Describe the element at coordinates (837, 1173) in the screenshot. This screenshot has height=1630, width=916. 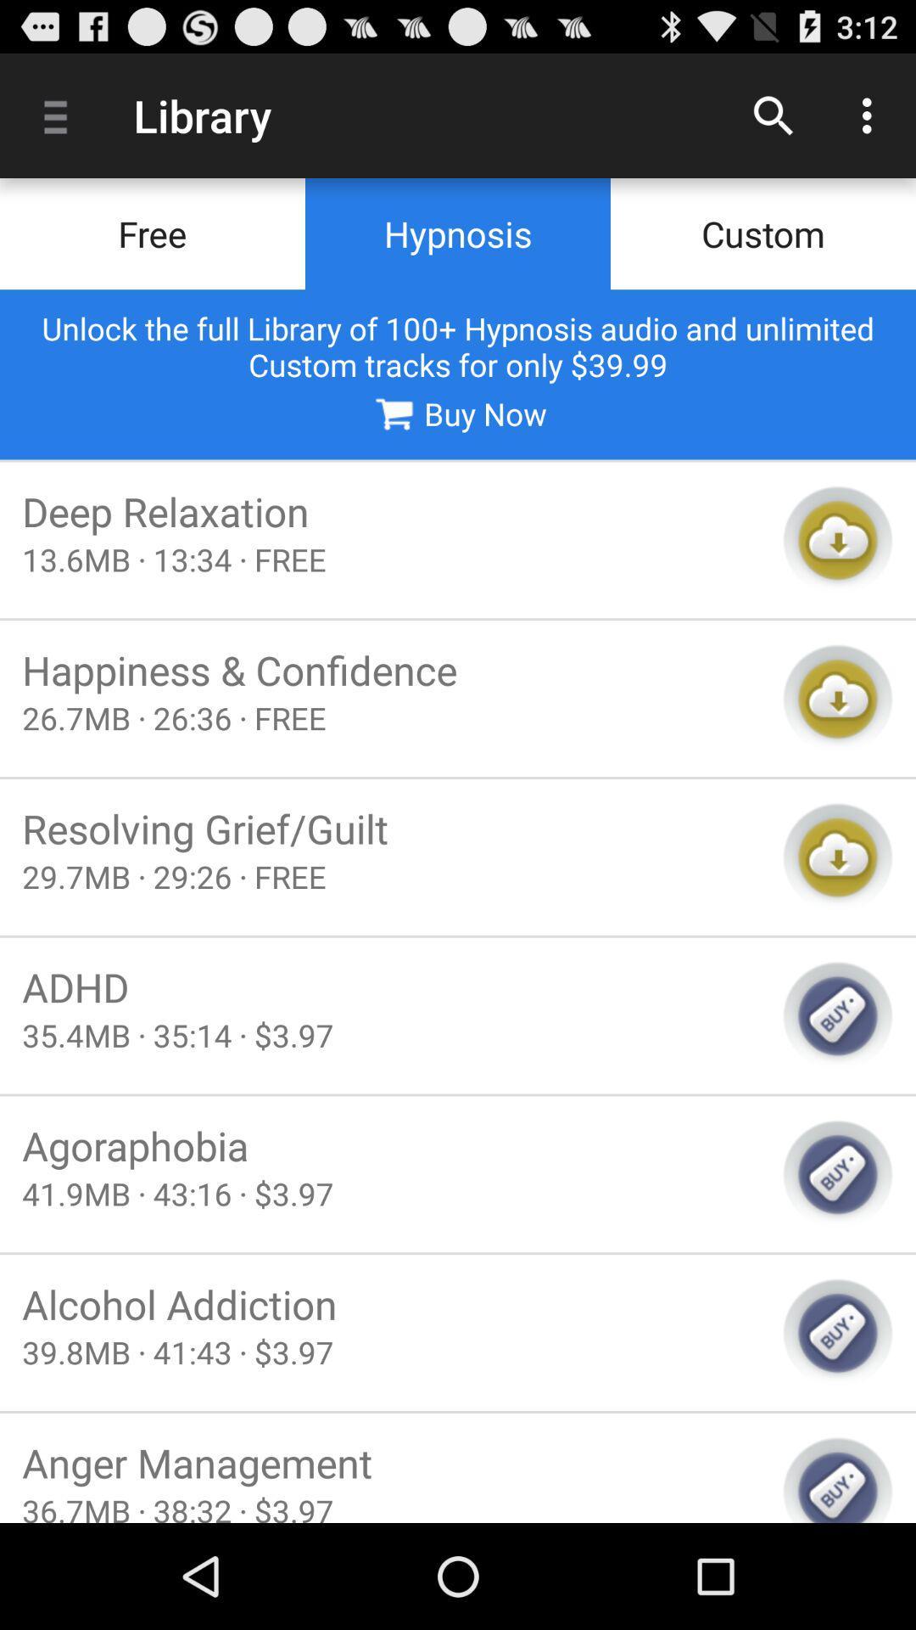
I see `purchase button` at that location.